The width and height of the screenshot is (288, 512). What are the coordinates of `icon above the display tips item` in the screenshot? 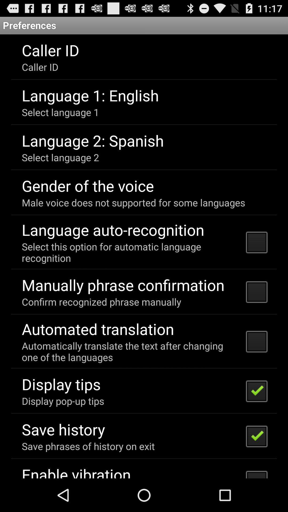 It's located at (130, 351).